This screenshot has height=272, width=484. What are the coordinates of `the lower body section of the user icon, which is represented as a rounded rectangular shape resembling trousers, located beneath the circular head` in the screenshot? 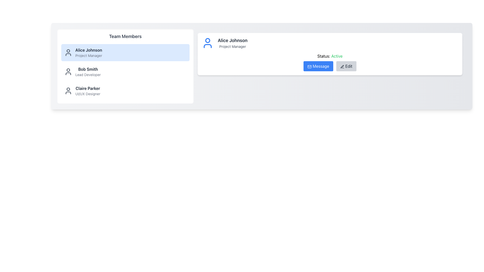 It's located at (68, 74).